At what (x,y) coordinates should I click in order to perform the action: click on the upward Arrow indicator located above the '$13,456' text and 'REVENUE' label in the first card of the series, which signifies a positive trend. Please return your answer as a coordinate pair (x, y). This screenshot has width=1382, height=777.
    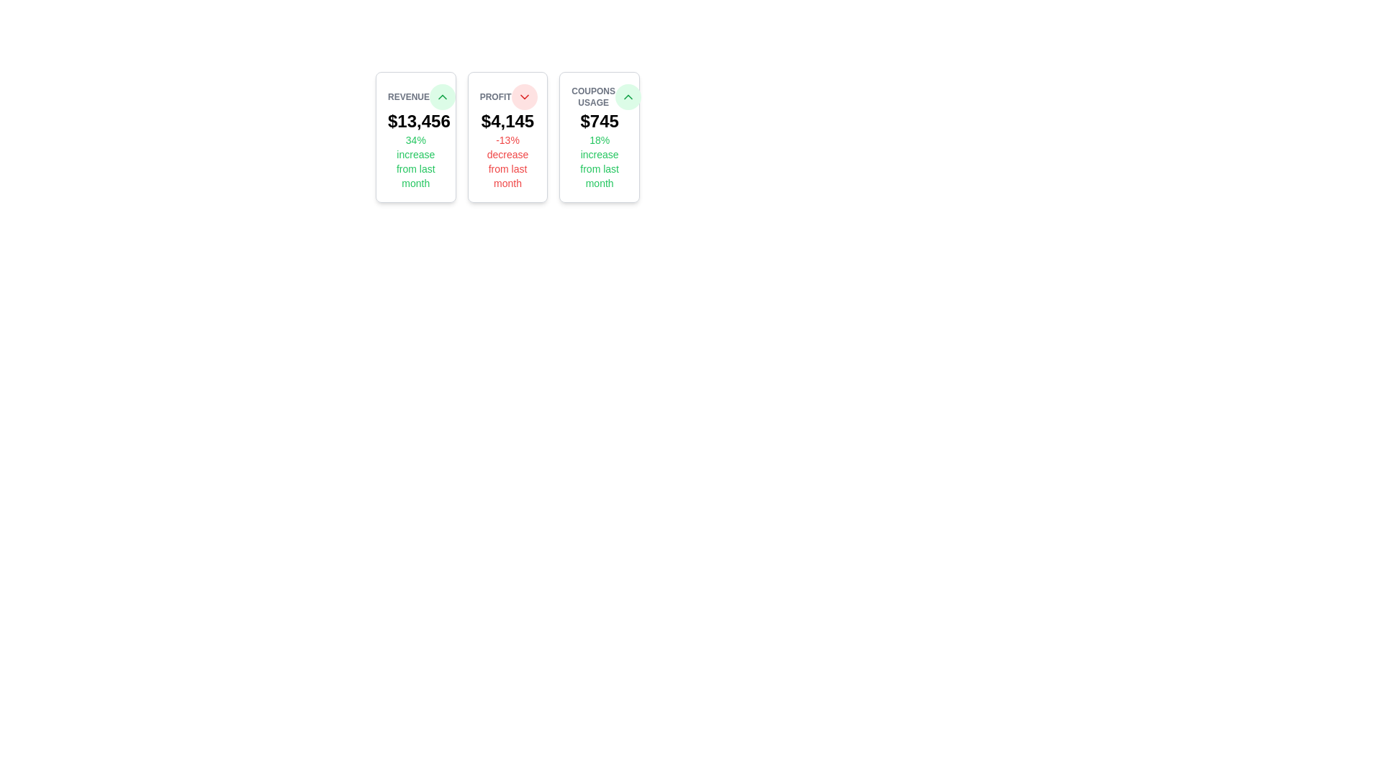
    Looking at the image, I should click on (628, 97).